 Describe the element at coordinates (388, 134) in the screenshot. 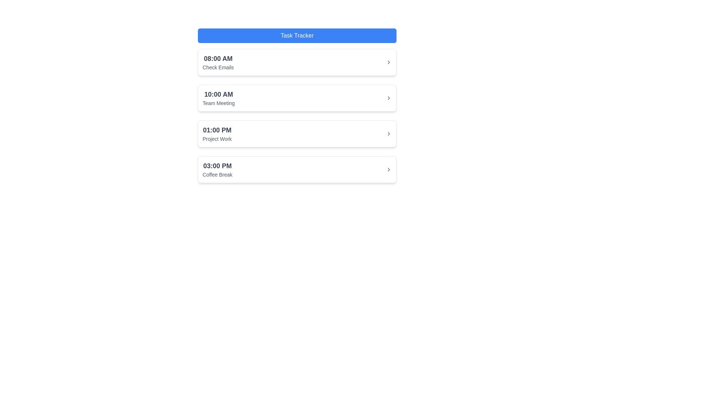

I see `the Rightward Chevron Icon located on the extreme right side of the row containing '01:00 PM' and 'Project Work'` at that location.